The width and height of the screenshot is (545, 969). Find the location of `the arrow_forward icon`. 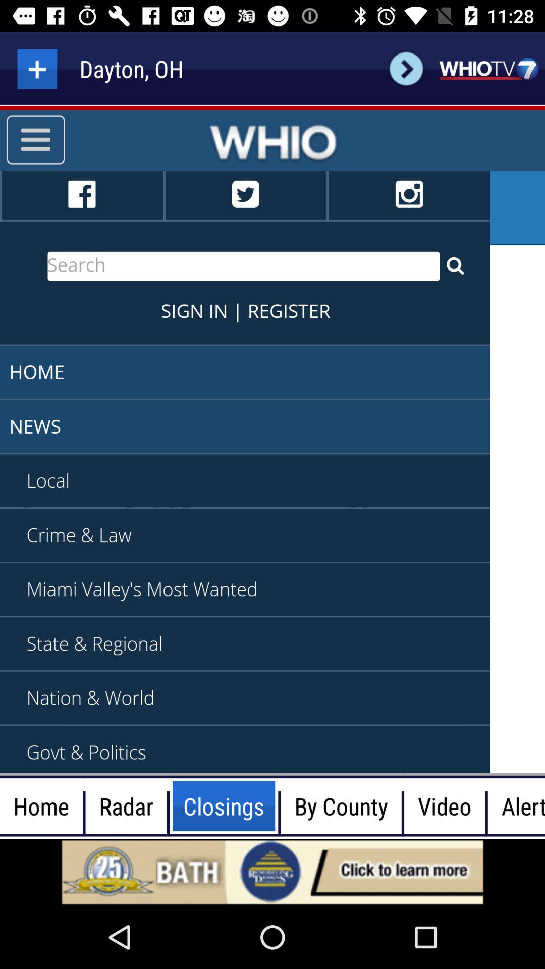

the arrow_forward icon is located at coordinates (406, 68).